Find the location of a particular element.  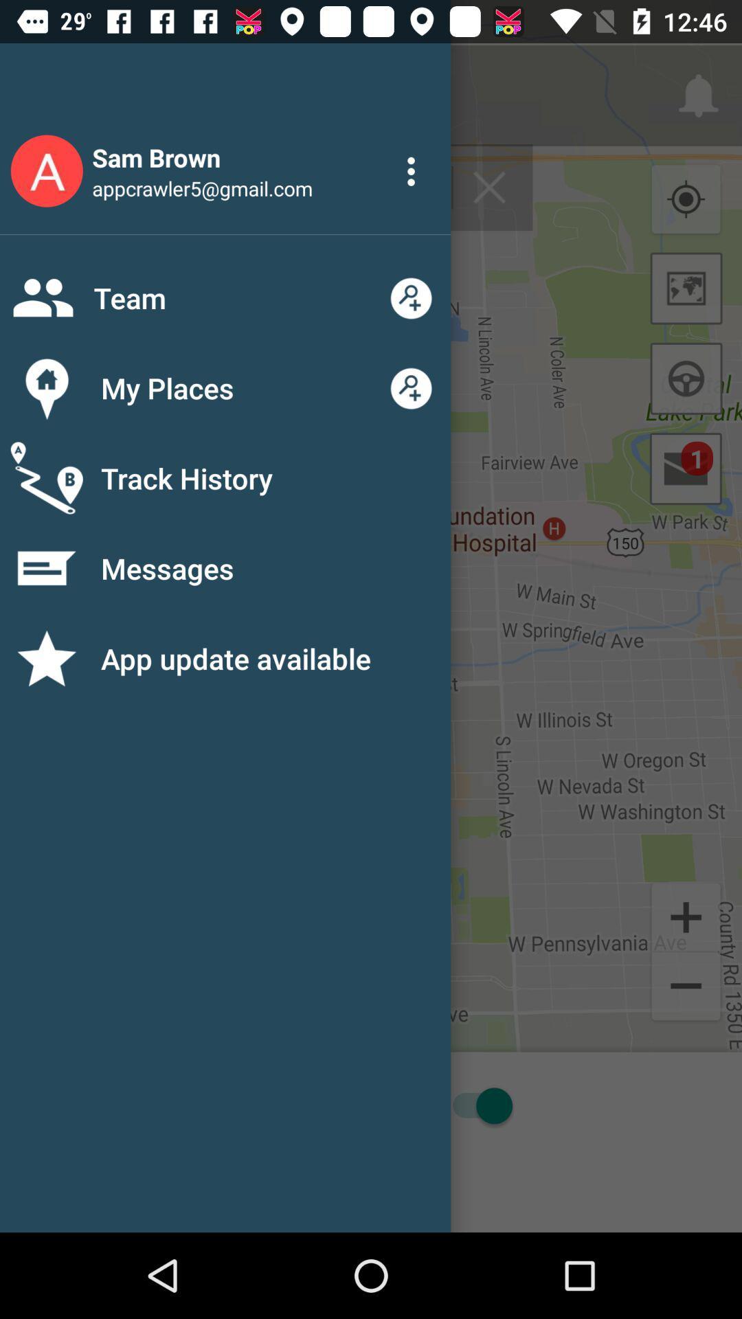

the zoom out button on the web page is located at coordinates (686, 987).